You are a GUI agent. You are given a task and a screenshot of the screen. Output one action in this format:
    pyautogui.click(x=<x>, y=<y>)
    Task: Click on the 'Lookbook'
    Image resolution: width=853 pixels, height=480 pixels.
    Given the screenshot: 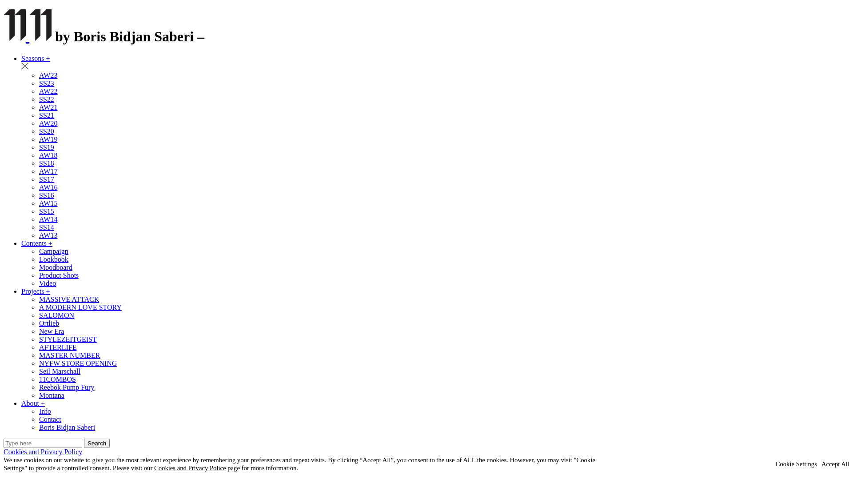 What is the action you would take?
    pyautogui.click(x=53, y=259)
    